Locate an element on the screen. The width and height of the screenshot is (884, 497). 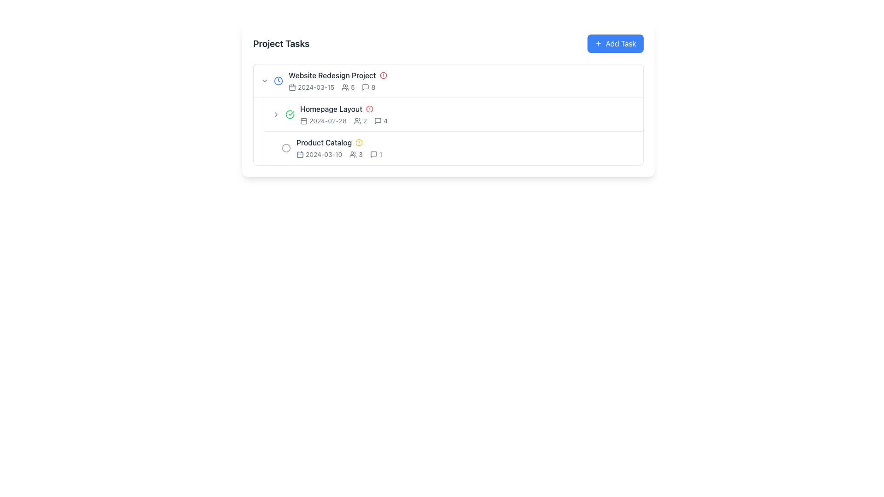
numeral '3' displayed next to the user icon in the 'Project Tasks' list associated with the 'Product Catalog' task is located at coordinates (355, 154).